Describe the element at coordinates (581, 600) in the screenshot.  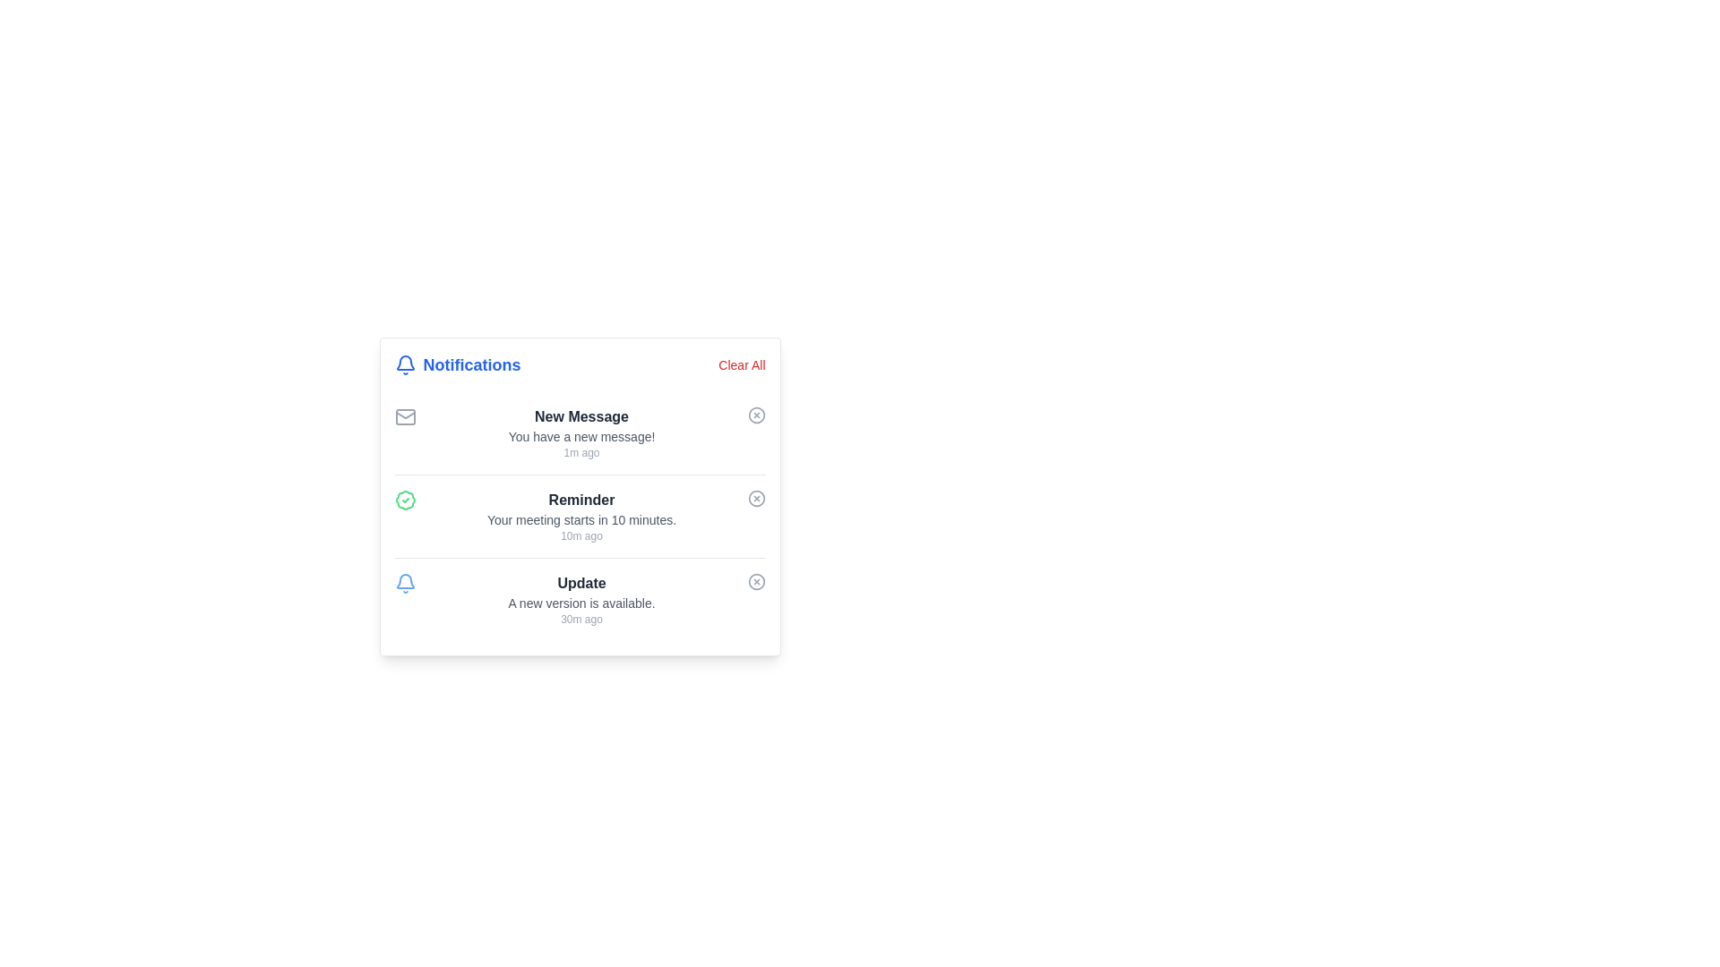
I see `the Notification entry element that displays 'Update', 'A new version is available.', and '30m ago' in a vertically stacked format` at that location.